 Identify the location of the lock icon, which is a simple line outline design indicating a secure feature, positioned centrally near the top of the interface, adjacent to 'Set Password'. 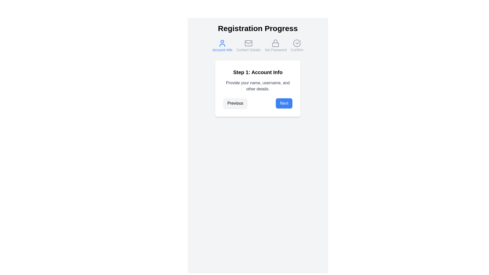
(275, 43).